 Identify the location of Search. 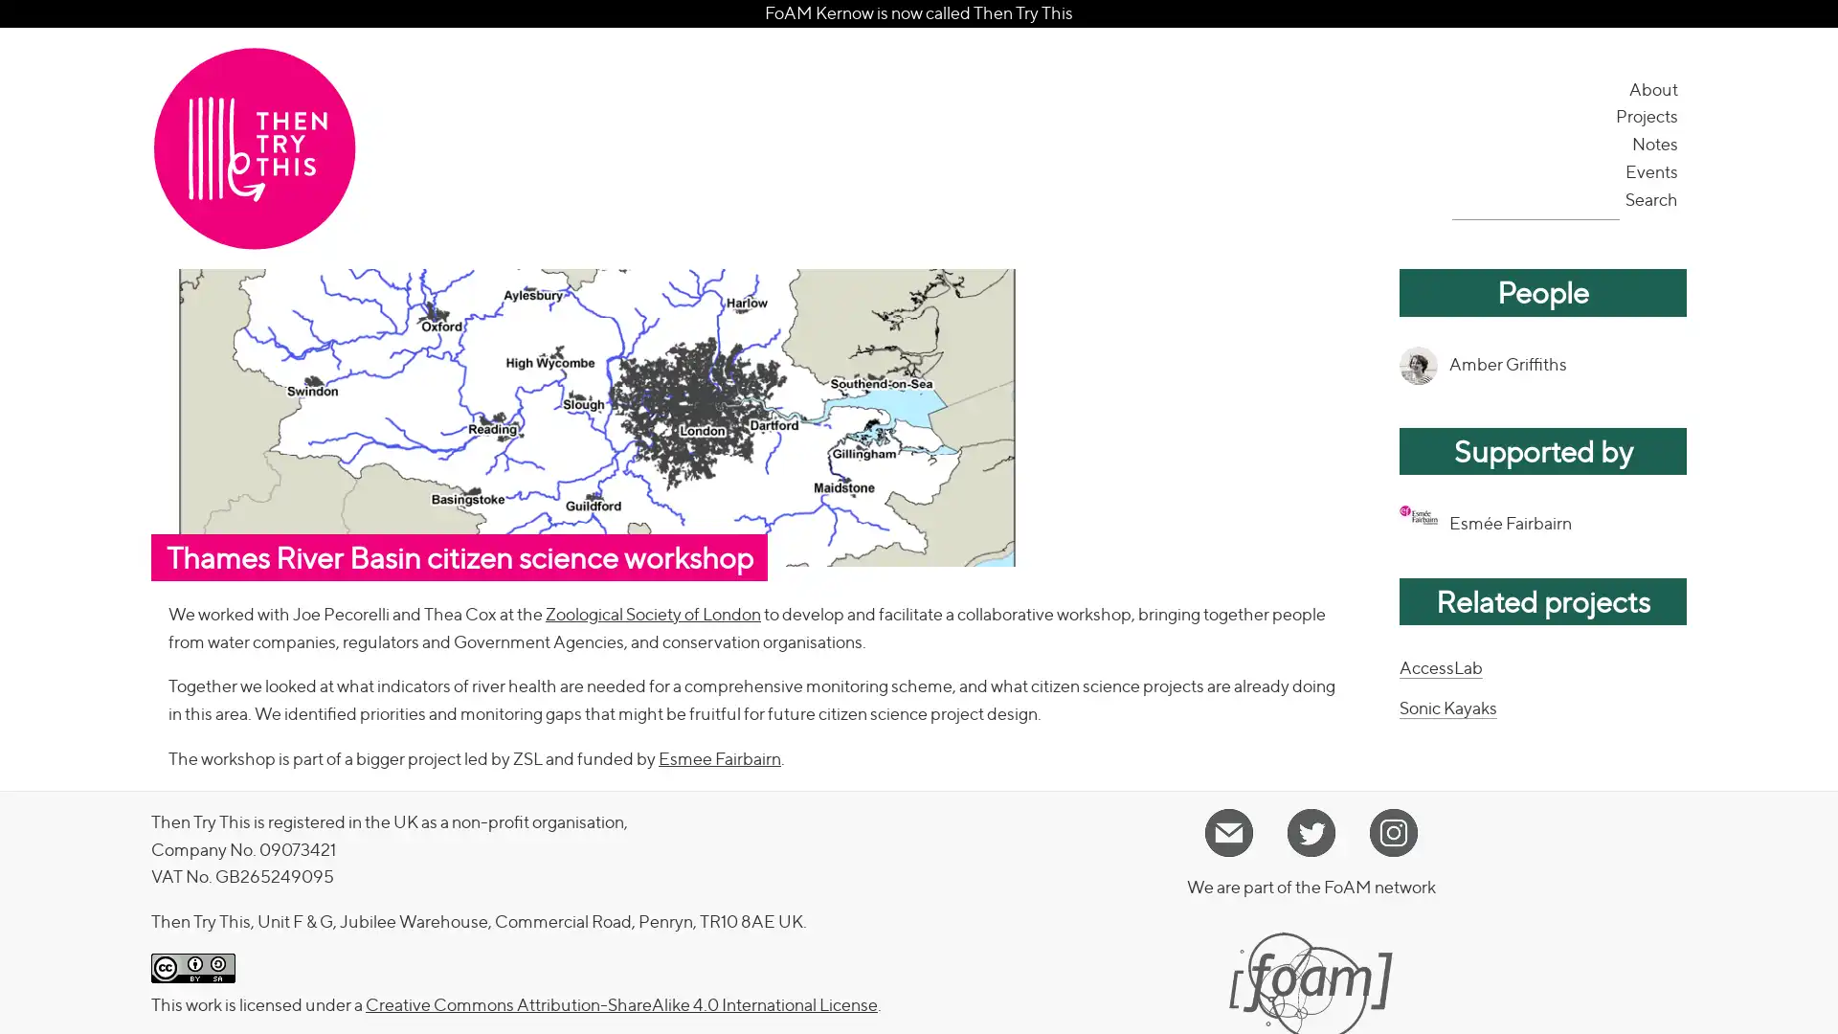
(1652, 198).